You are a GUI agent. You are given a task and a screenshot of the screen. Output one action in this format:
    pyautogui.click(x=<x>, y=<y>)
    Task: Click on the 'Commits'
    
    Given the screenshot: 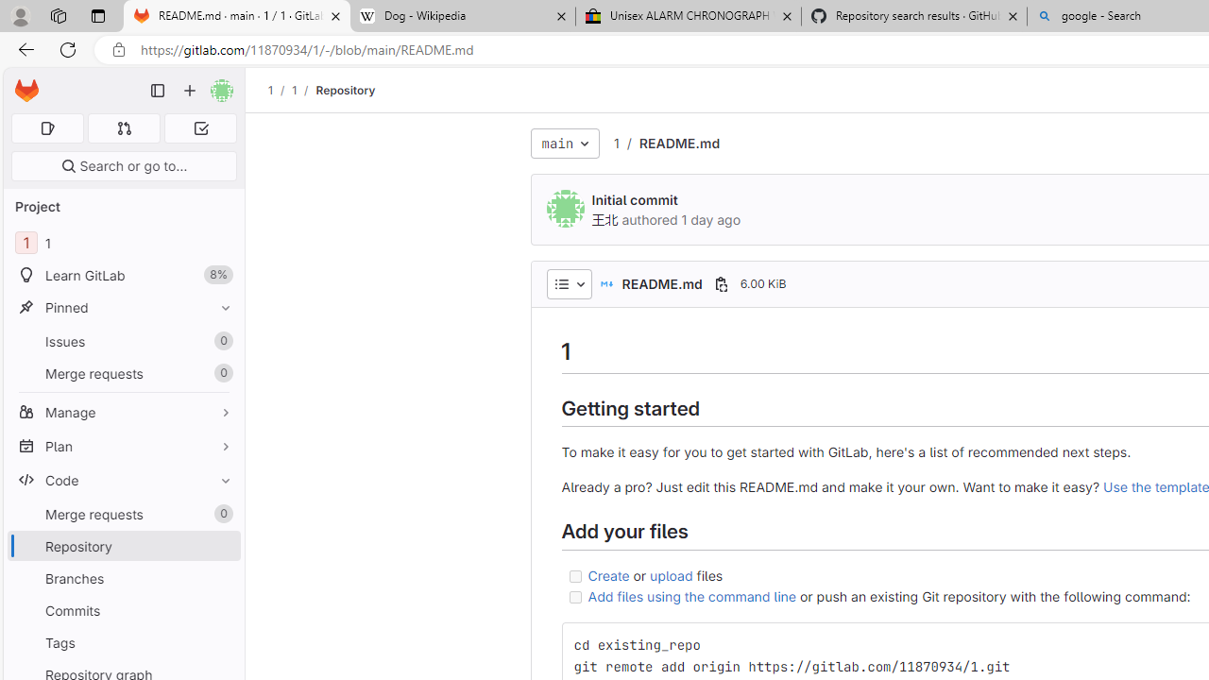 What is the action you would take?
    pyautogui.click(x=123, y=610)
    